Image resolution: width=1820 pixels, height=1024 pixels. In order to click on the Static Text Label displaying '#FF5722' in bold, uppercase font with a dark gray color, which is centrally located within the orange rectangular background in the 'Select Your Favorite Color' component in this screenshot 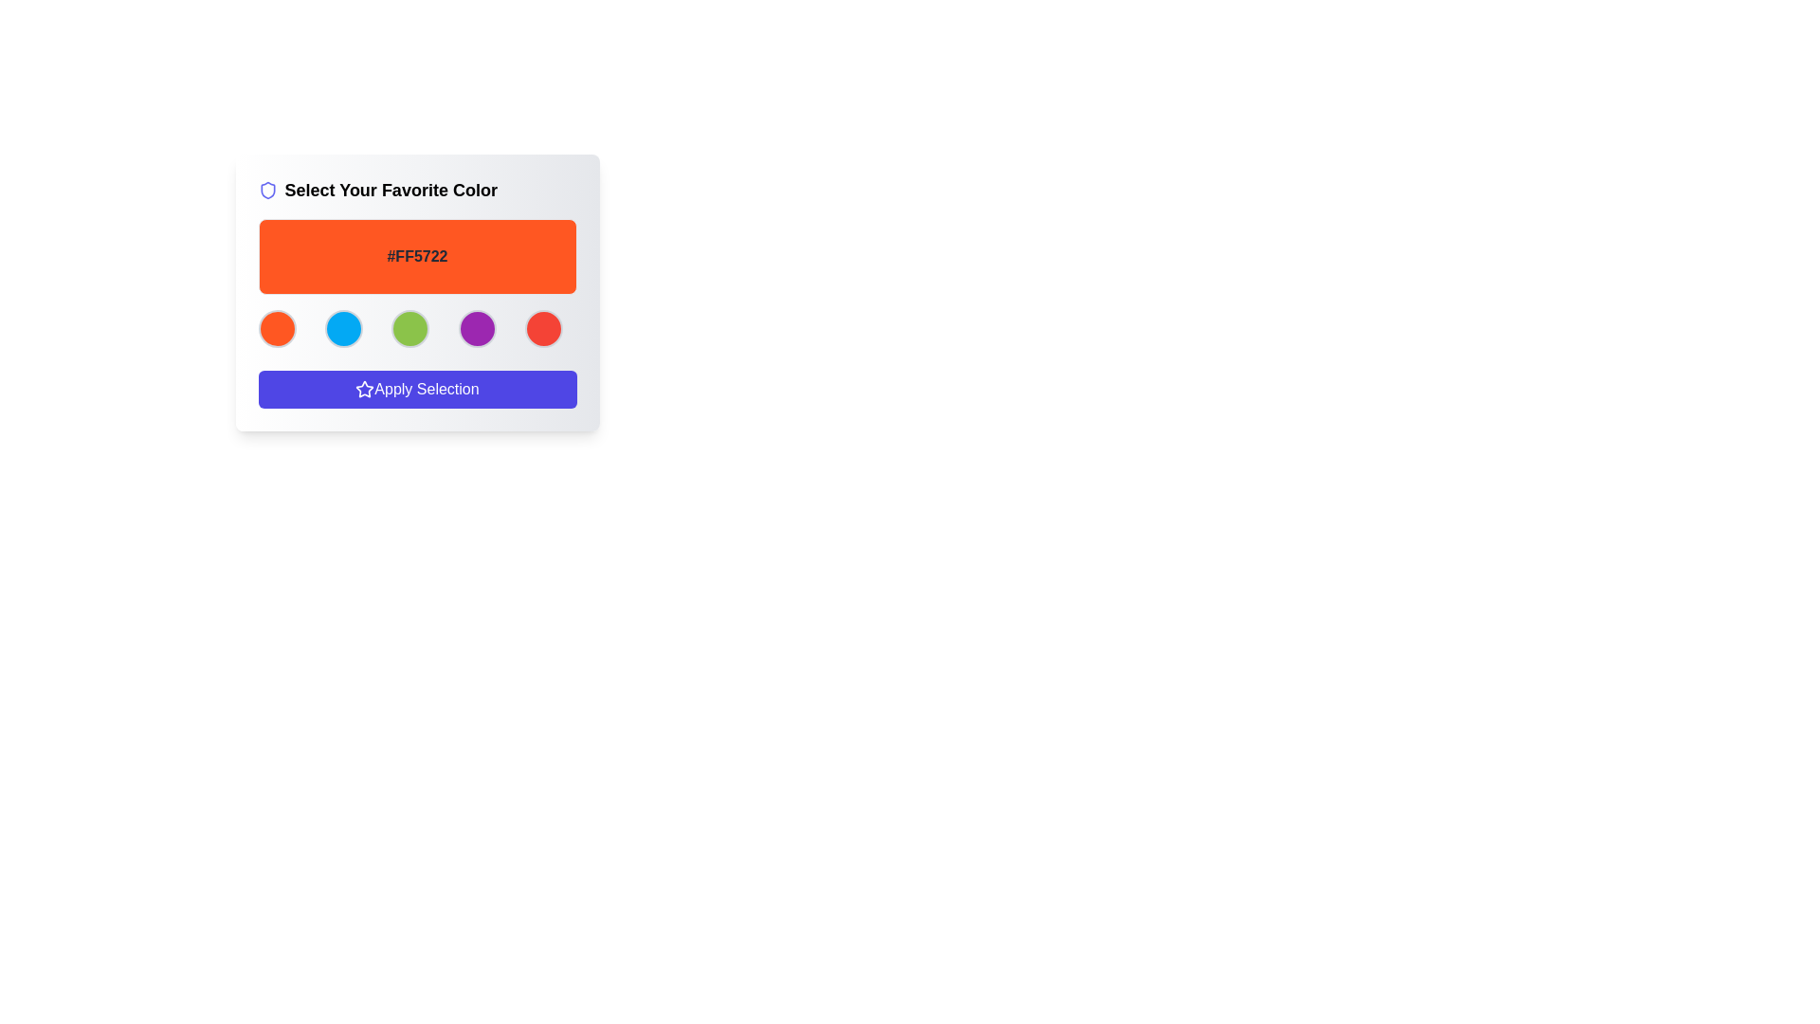, I will do `click(416, 256)`.